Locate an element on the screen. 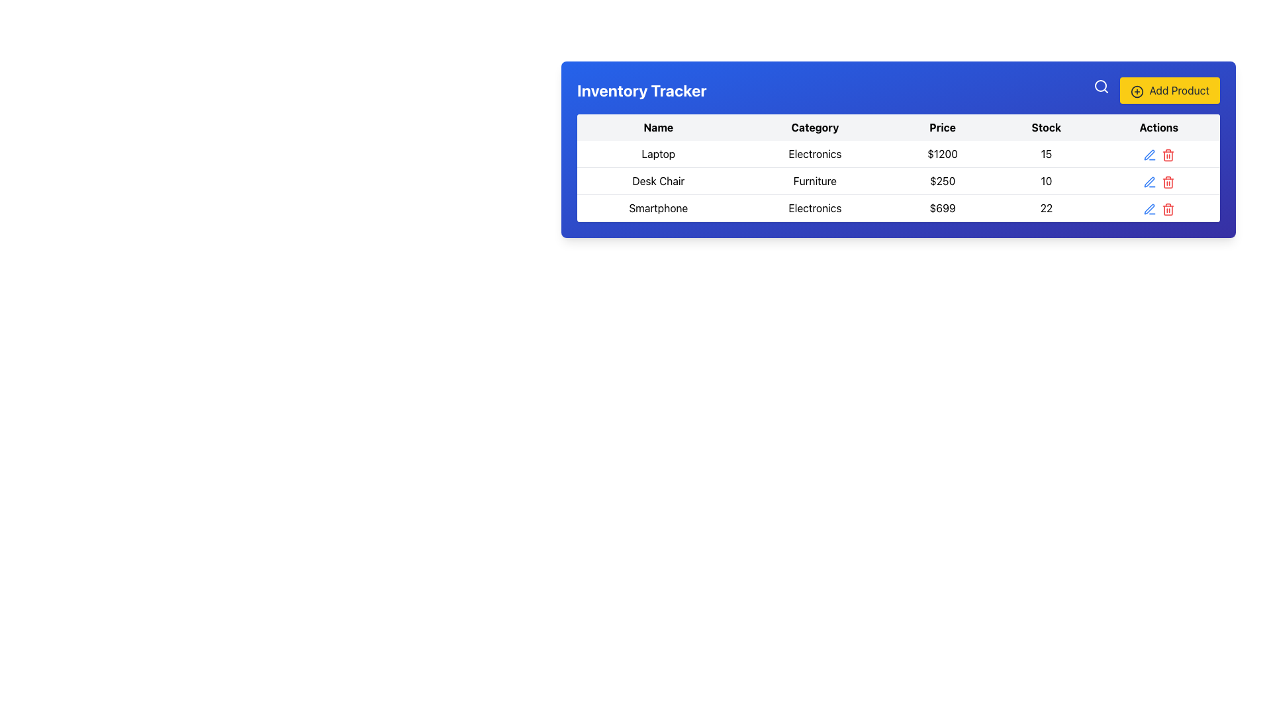 This screenshot has width=1271, height=714. the pen icon in the Icon Button Group located in the last column of the first row under the 'Actions' header, aligned with the 'Laptop' item is located at coordinates (1158, 153).